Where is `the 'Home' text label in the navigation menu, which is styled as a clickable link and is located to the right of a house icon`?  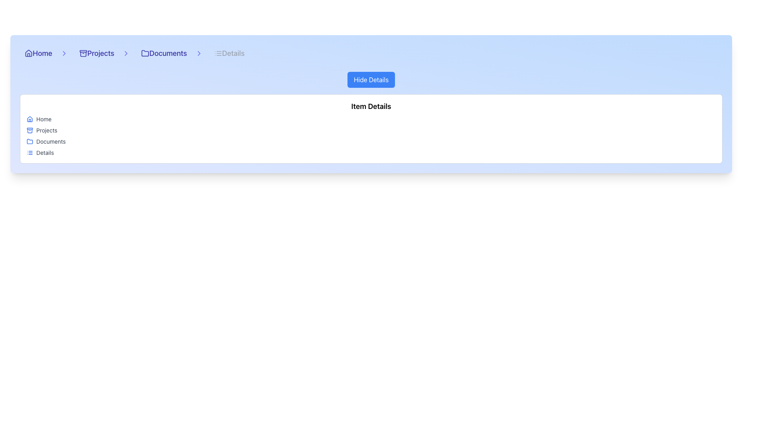
the 'Home' text label in the navigation menu, which is styled as a clickable link and is located to the right of a house icon is located at coordinates (42, 53).